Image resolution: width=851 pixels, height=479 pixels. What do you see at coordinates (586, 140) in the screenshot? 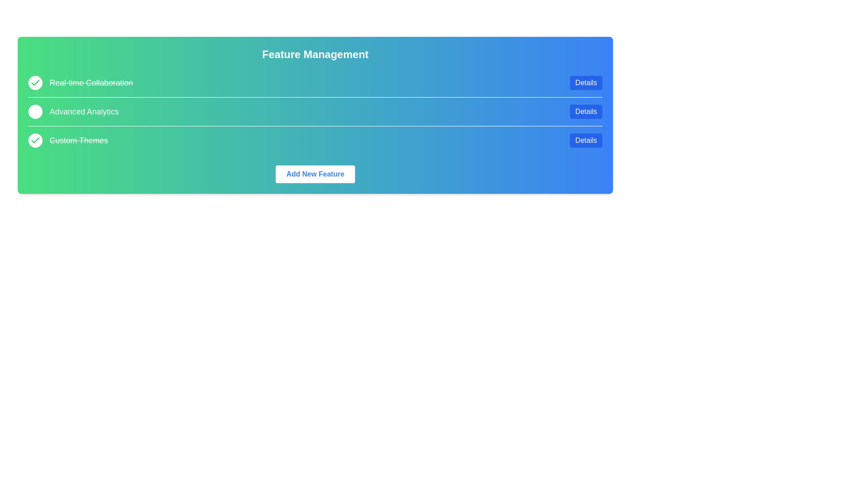
I see `the 'Details' button for the feature Custom Themes` at bounding box center [586, 140].